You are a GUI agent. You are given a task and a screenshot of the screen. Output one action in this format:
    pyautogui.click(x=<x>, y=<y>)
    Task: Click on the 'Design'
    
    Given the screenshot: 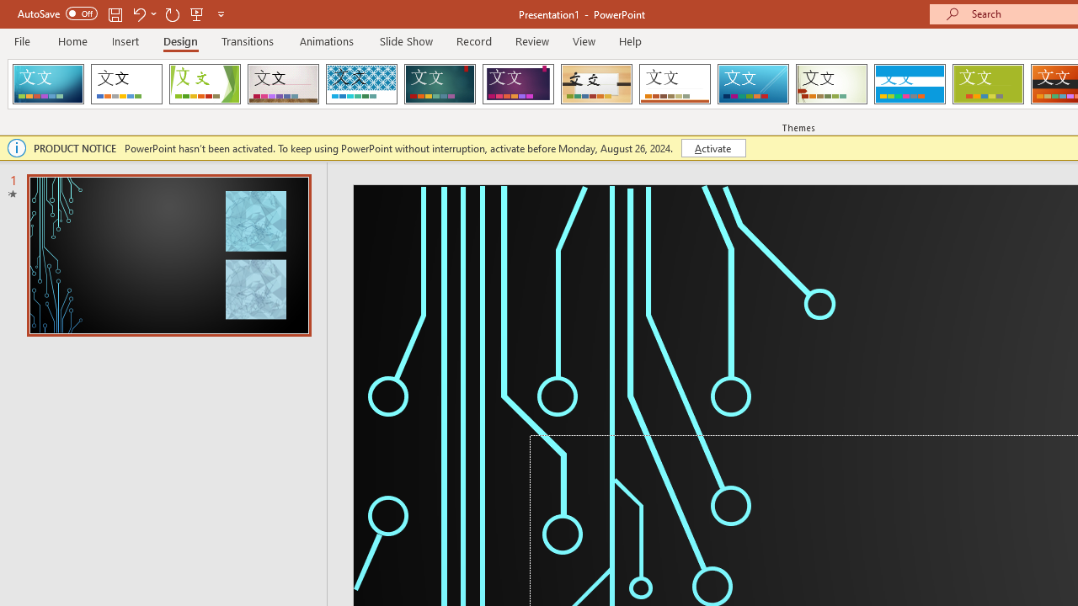 What is the action you would take?
    pyautogui.click(x=180, y=40)
    